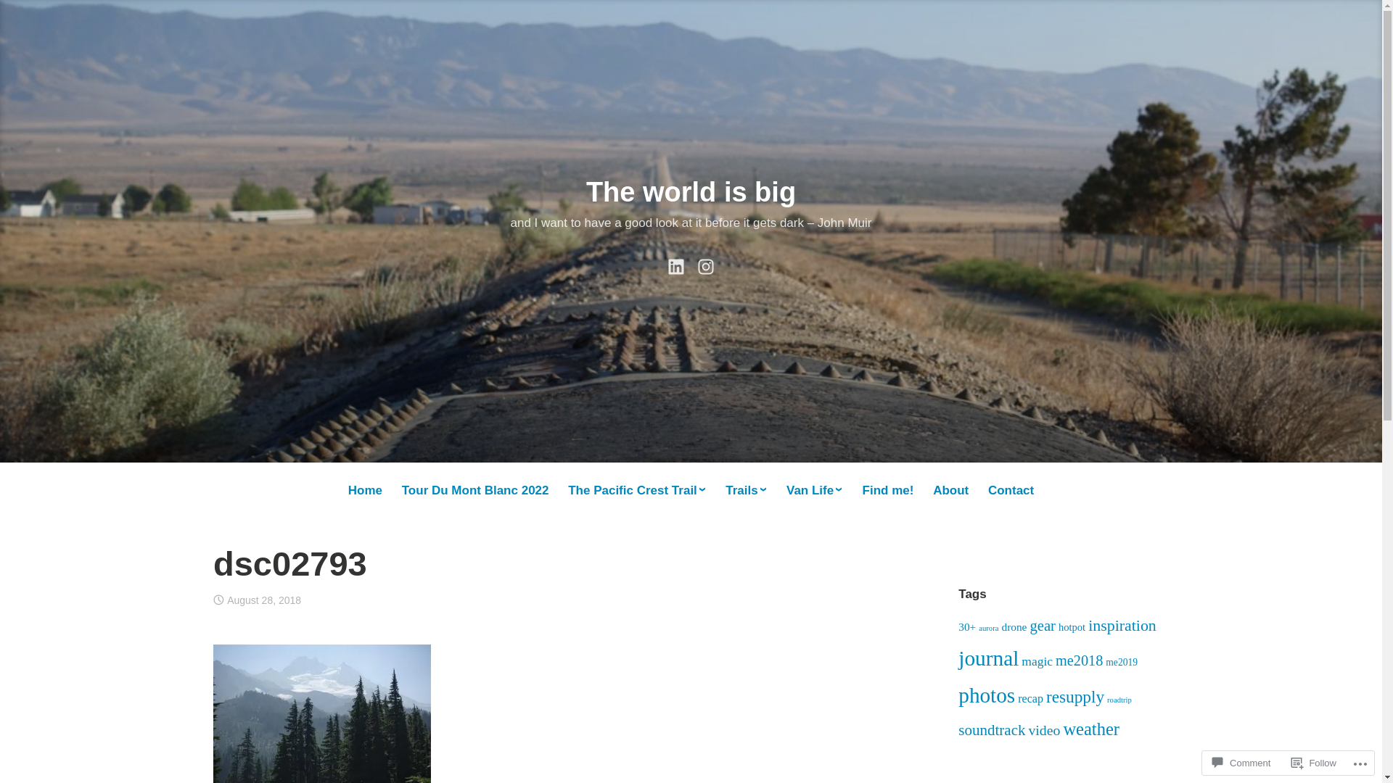 The height and width of the screenshot is (783, 1393). I want to click on 'The Pacific Crest Trail', so click(637, 490).